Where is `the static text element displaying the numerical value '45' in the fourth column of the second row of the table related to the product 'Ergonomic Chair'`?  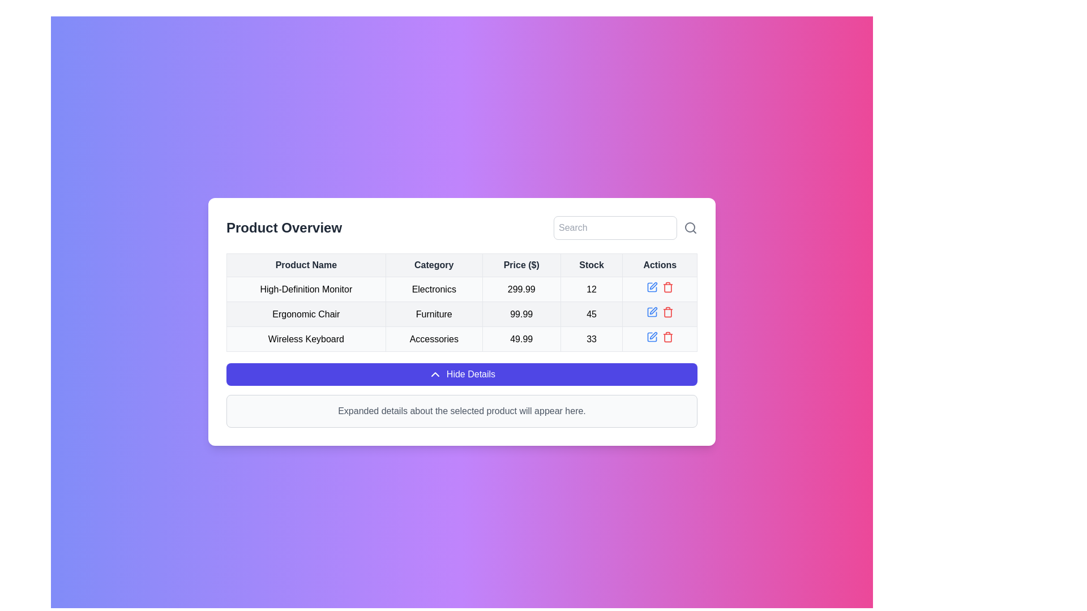
the static text element displaying the numerical value '45' in the fourth column of the second row of the table related to the product 'Ergonomic Chair' is located at coordinates (591, 314).